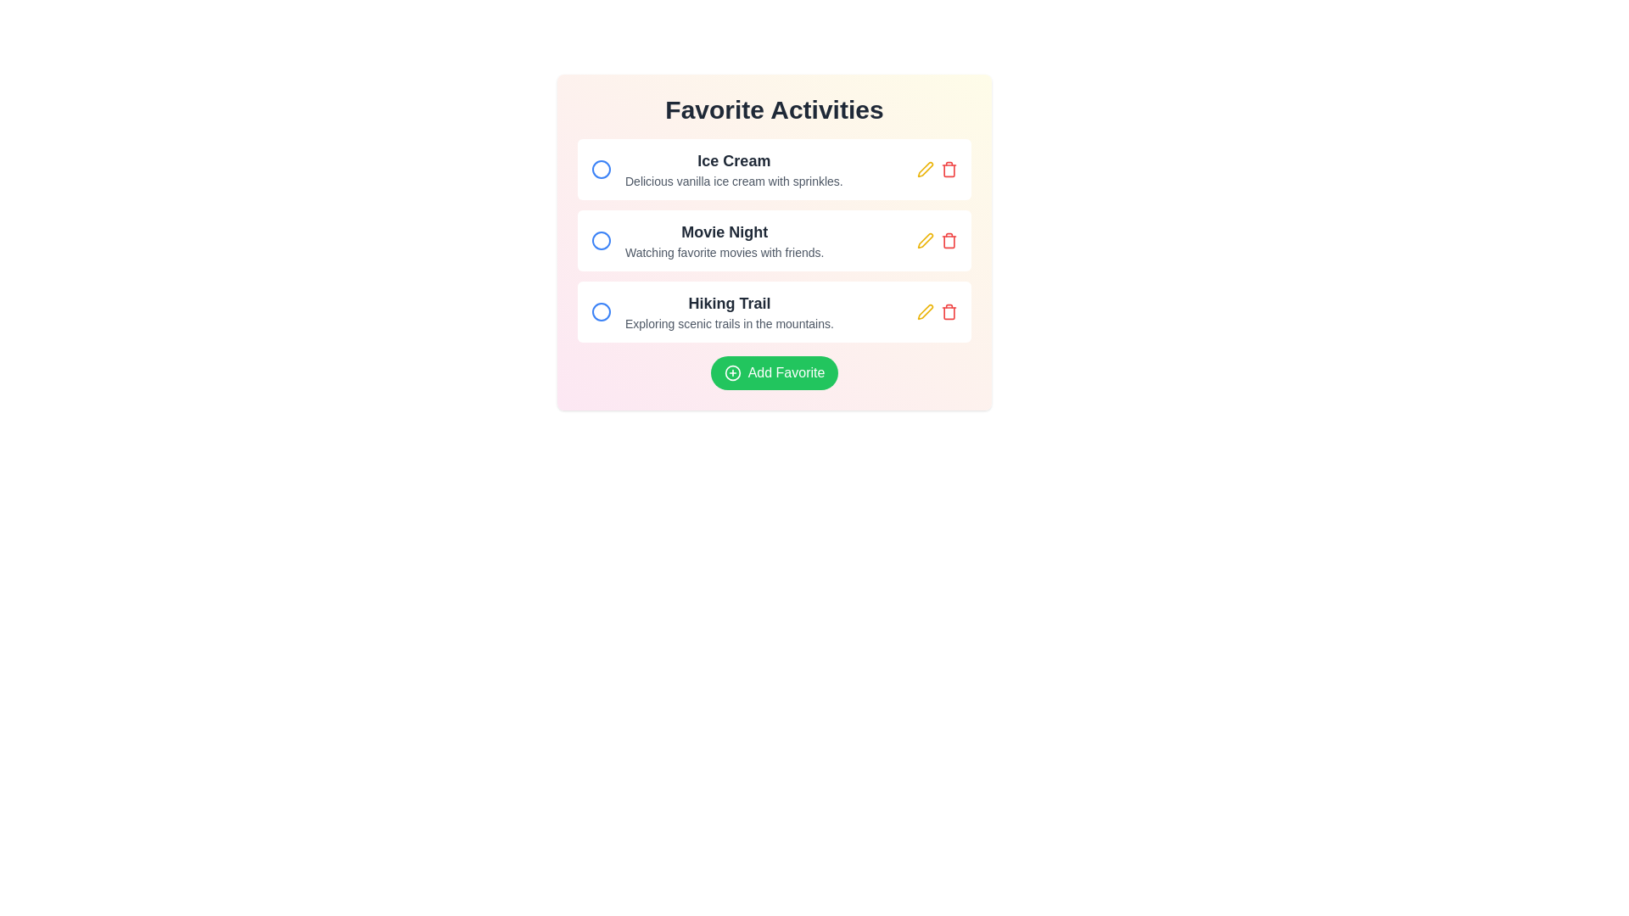 This screenshot has height=916, width=1629. I want to click on the selectable icon or radio button for the 'Movie Night' option in the second row of the 'Favorite Activities' list, so click(602, 241).